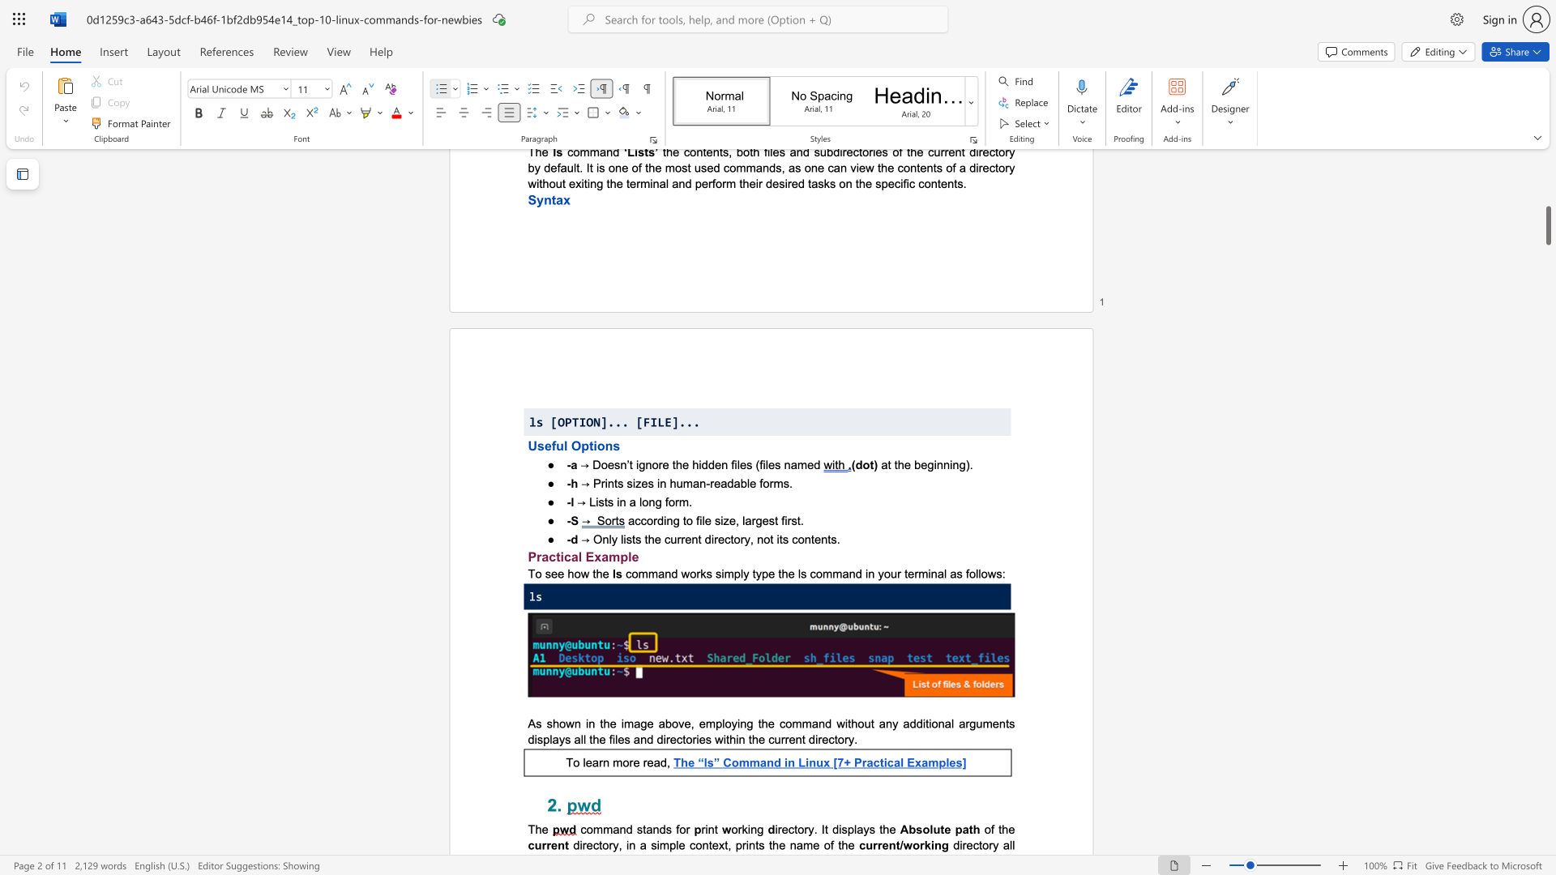 The width and height of the screenshot is (1556, 875). What do you see at coordinates (785, 520) in the screenshot?
I see `the 4th character "i" in the text` at bounding box center [785, 520].